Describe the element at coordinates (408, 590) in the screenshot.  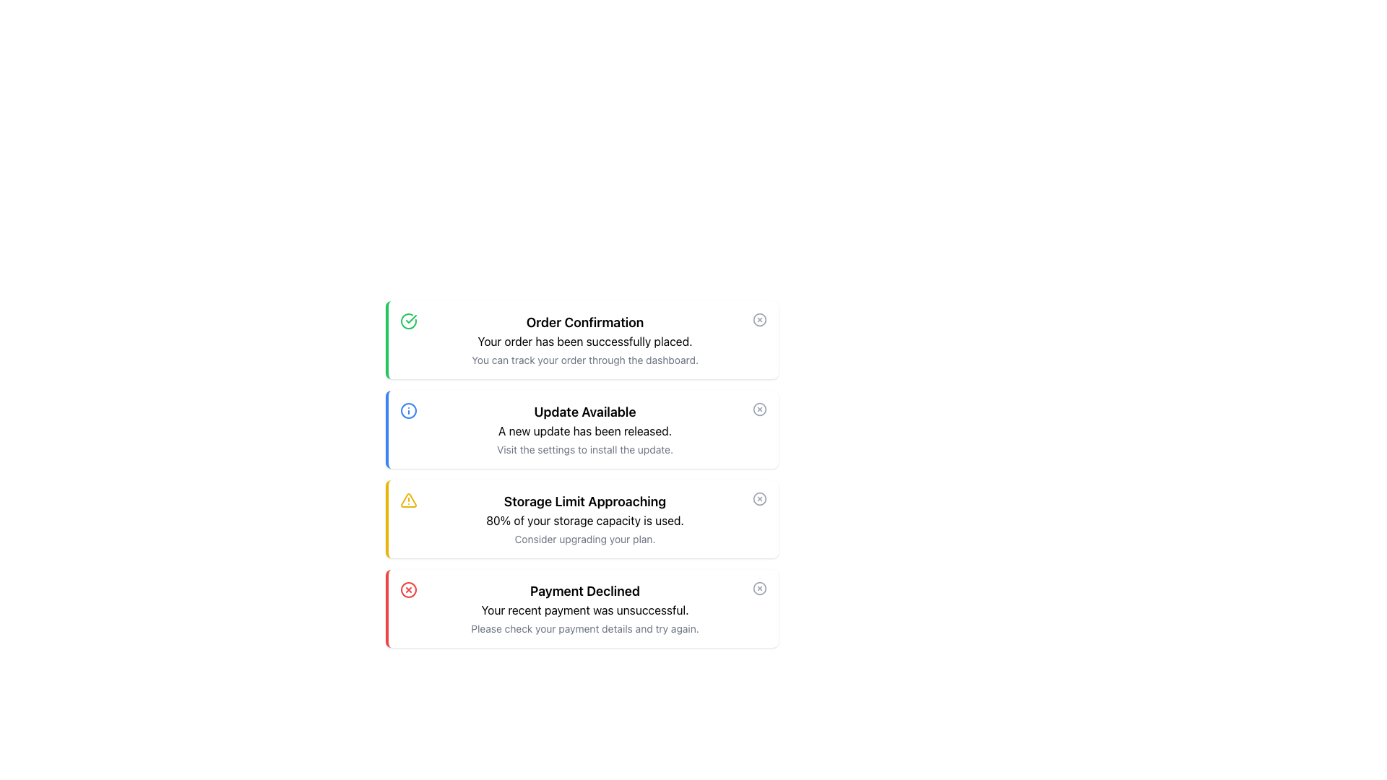
I see `the central circular shape within the SVG component that indicates an error or rejection, located inside the 'Payment Declined' notification` at that location.